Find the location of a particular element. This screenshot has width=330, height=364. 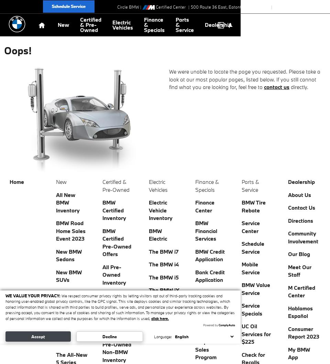

'BMW Value Service' is located at coordinates (255, 288).